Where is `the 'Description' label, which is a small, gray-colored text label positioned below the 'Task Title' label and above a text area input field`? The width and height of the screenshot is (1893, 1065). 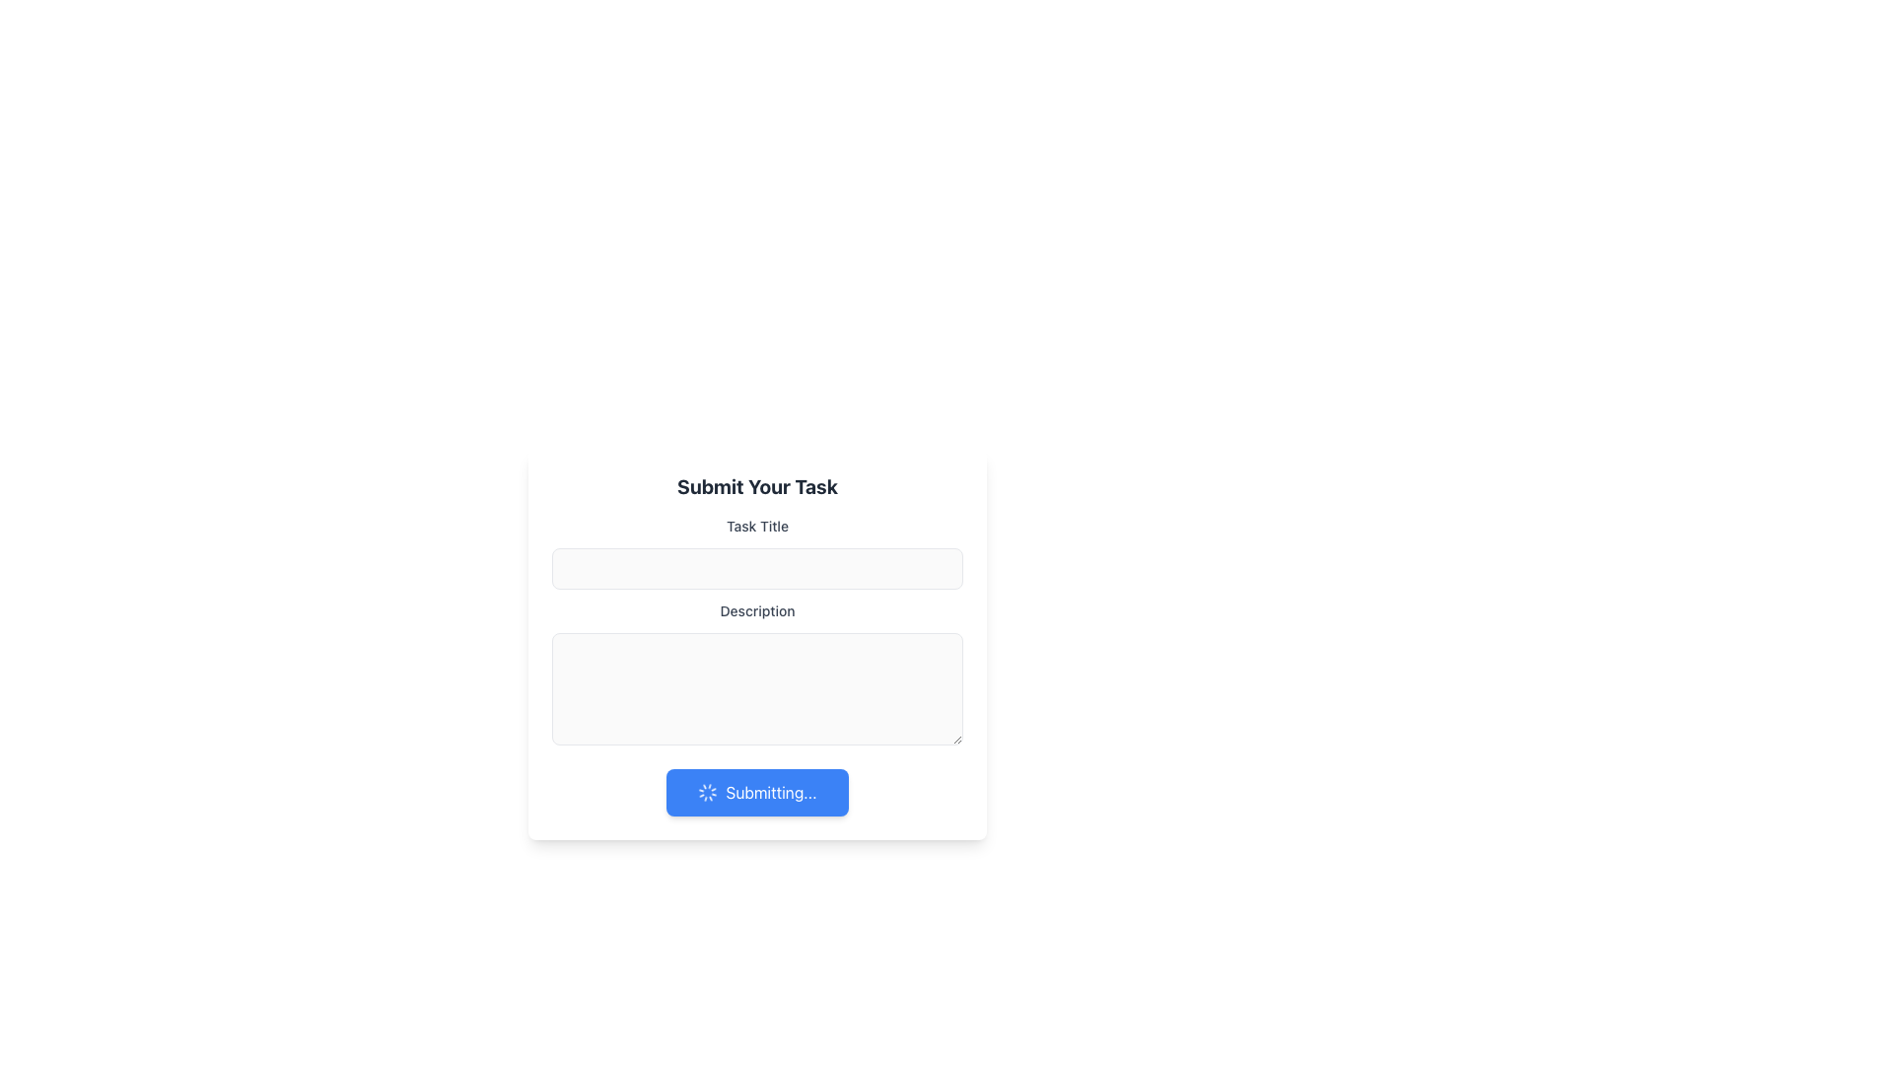 the 'Description' label, which is a small, gray-colored text label positioned below the 'Task Title' label and above a text area input field is located at coordinates (756, 610).